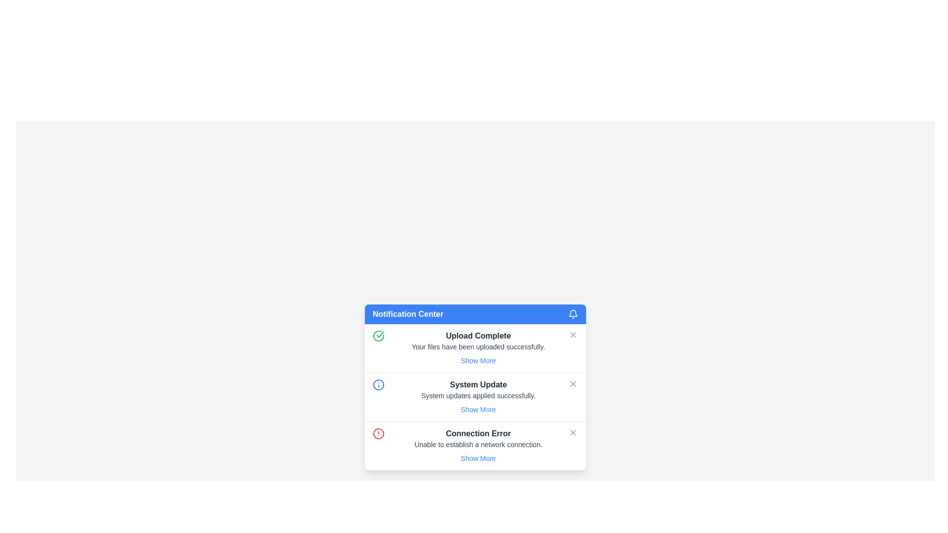  What do you see at coordinates (478, 446) in the screenshot?
I see `the 'Show More' link in the Notification item indicating 'Connection Error' that contains actionable text` at bounding box center [478, 446].